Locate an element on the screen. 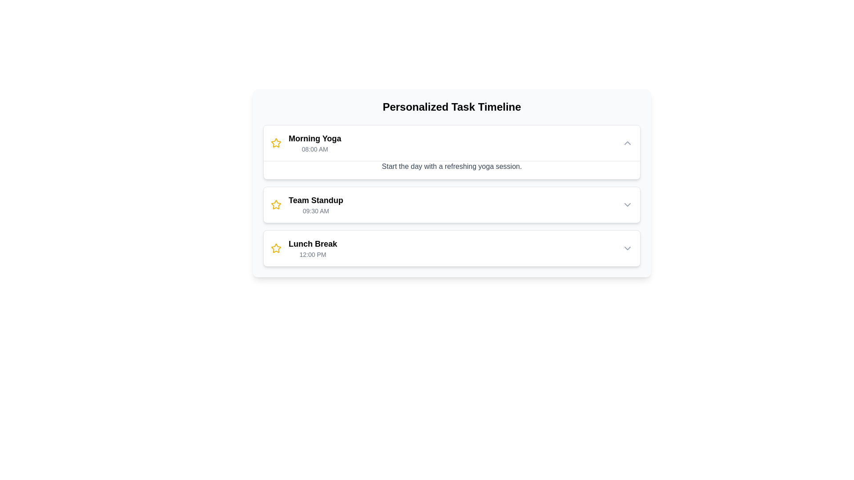 This screenshot has height=480, width=854. on the 'Team Standup' meeting text label with a timestamp, which is the second task in the vertical list under the 'Personalized Task Timeline' heading is located at coordinates (316, 205).